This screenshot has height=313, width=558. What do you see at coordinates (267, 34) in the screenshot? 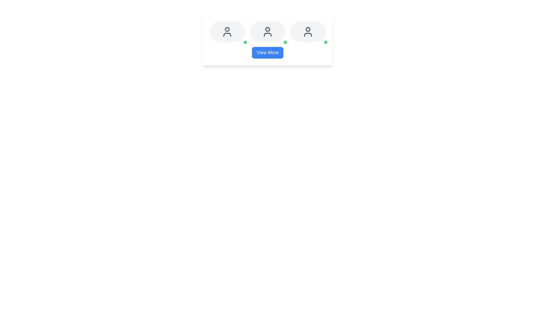
I see `the design of the vector graphic element located in the middle user icon of a horizontal layout of three user icons` at bounding box center [267, 34].